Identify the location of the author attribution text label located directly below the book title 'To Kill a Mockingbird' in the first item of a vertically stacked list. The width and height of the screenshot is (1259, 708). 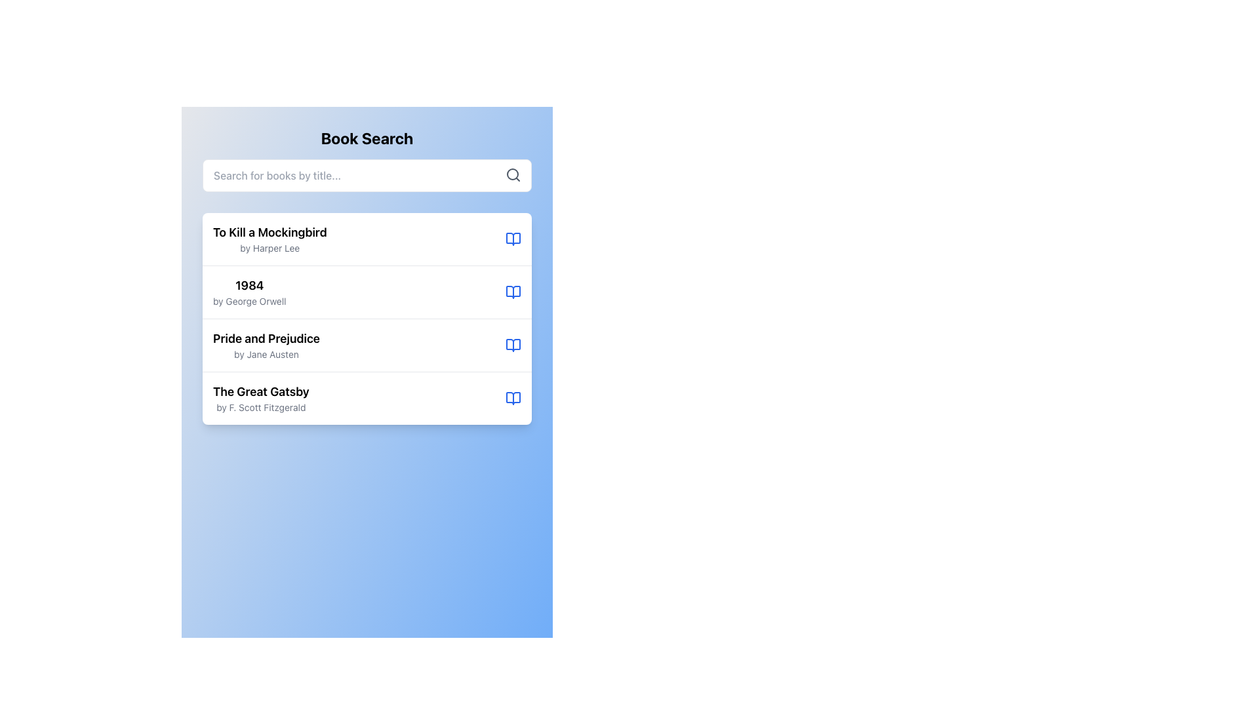
(269, 248).